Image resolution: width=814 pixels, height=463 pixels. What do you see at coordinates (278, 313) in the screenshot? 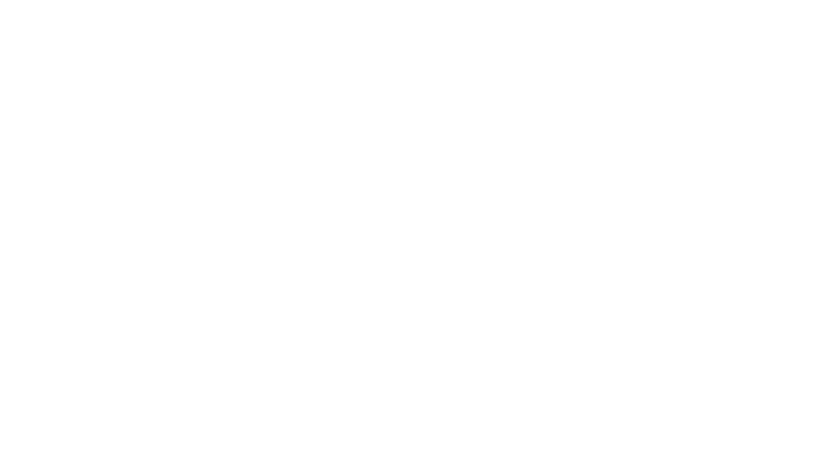
I see `'He has also put in a whopping 3,000m of fencing around the farm to protect the young trees and to keep those mischievous sheep from escaping and running wild.'` at bounding box center [278, 313].